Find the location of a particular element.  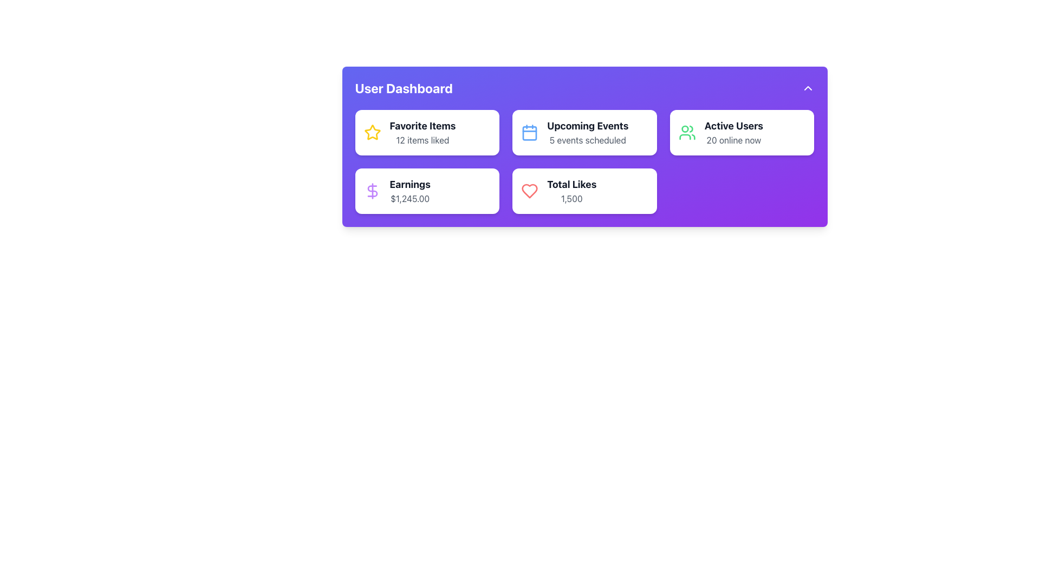

the blue calendar icon located in the 'Upcoming Events' card, adjacent to the label '5 events scheduled' is located at coordinates (530, 132).